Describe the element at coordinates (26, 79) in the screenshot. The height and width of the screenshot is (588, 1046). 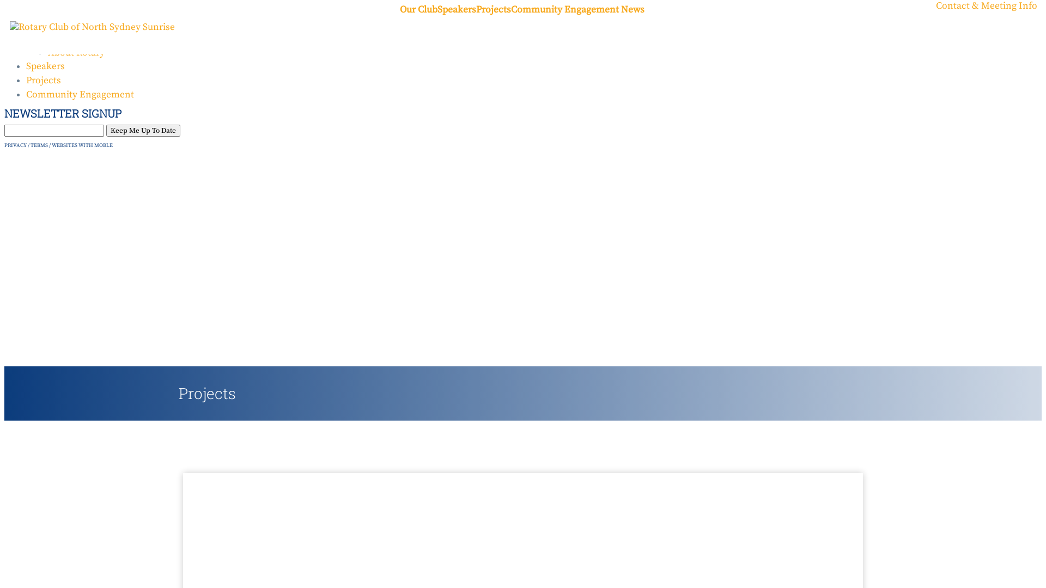
I see `'Projects'` at that location.